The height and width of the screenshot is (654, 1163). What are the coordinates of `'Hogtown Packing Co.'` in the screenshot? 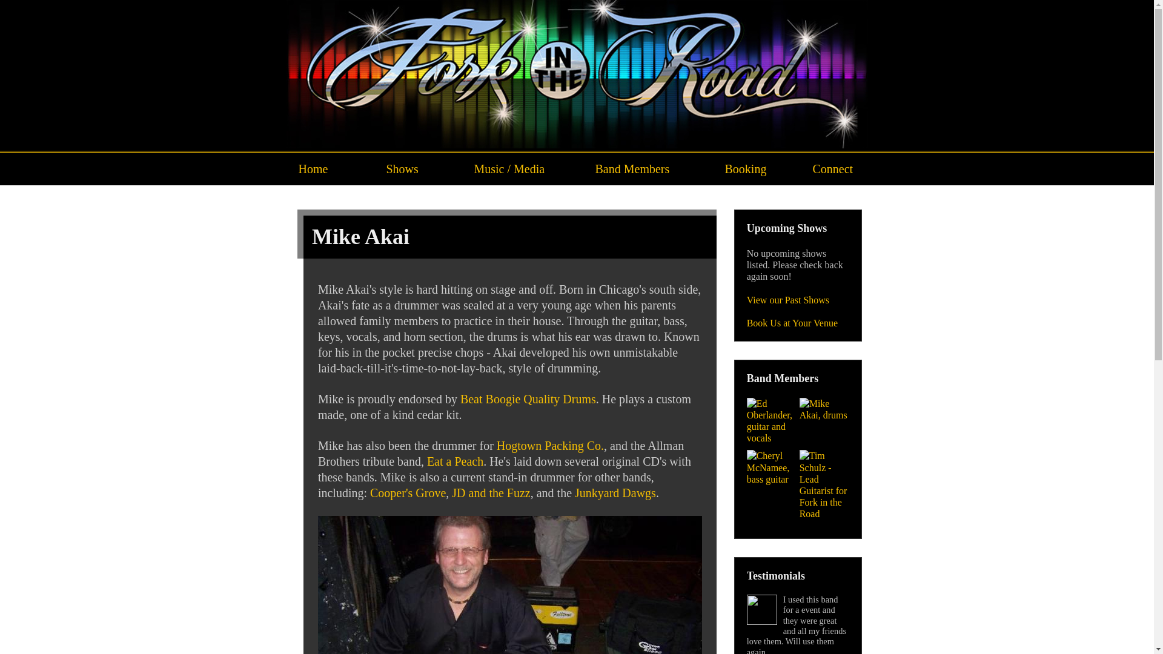 It's located at (549, 446).